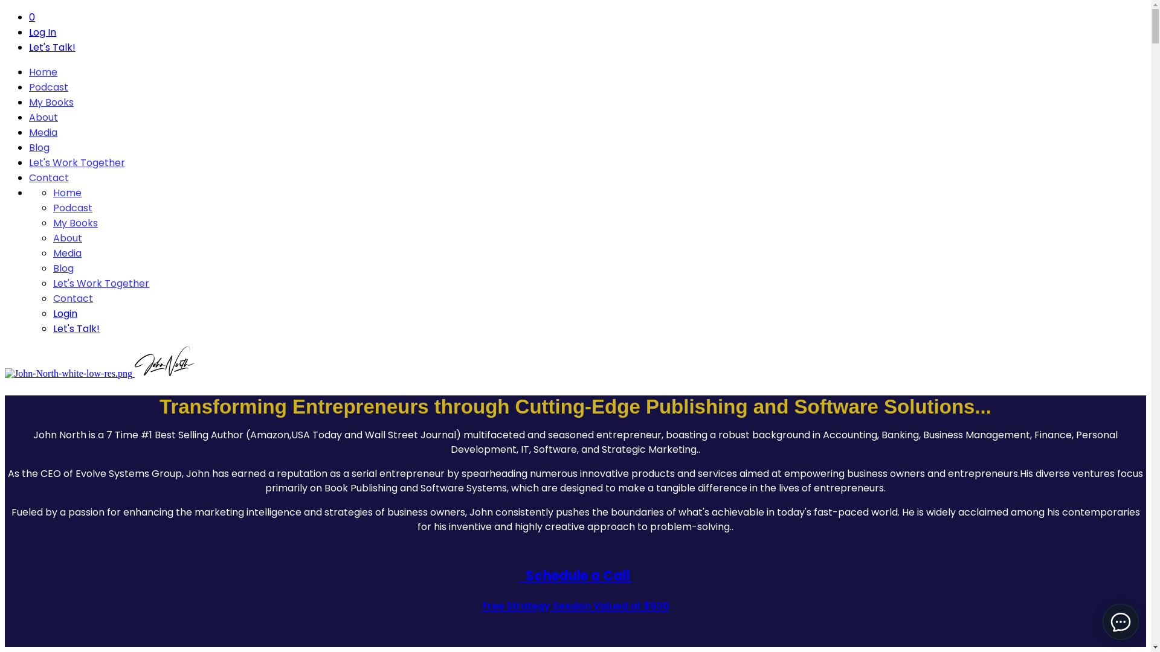 Image resolution: width=1160 pixels, height=652 pixels. Describe the element at coordinates (42, 31) in the screenshot. I see `'Log In'` at that location.